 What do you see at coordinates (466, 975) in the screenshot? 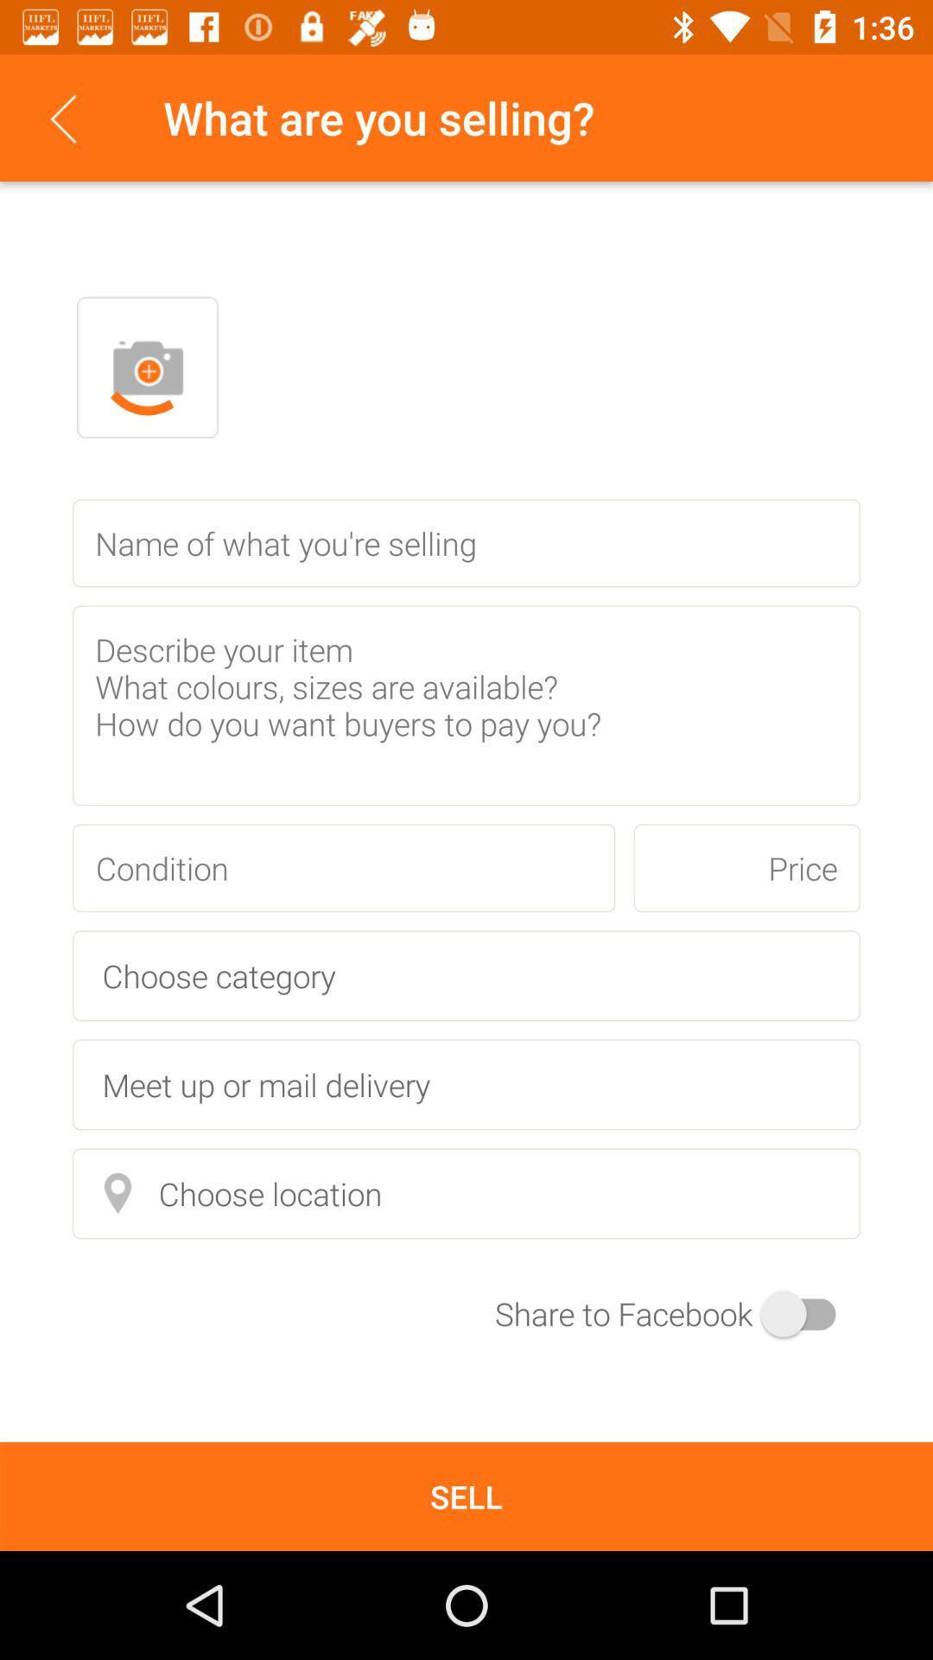
I see `icon above the meet up or` at bounding box center [466, 975].